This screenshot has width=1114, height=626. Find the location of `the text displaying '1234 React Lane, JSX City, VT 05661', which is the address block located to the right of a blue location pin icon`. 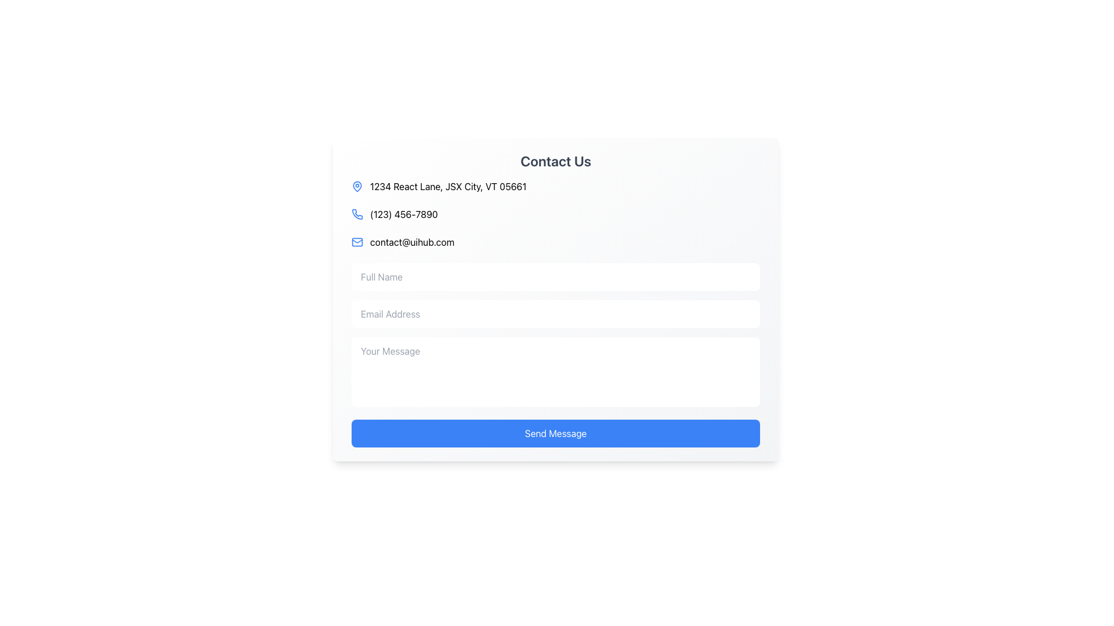

the text displaying '1234 React Lane, JSX City, VT 05661', which is the address block located to the right of a blue location pin icon is located at coordinates (447, 185).